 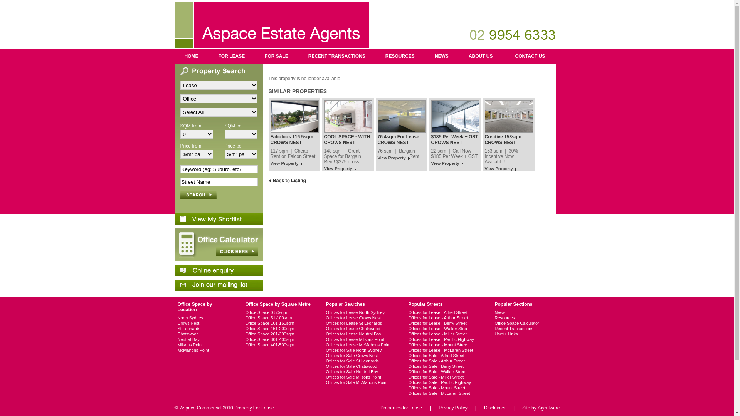 What do you see at coordinates (326, 334) in the screenshot?
I see `'Offices for Lease Neutral Bay'` at bounding box center [326, 334].